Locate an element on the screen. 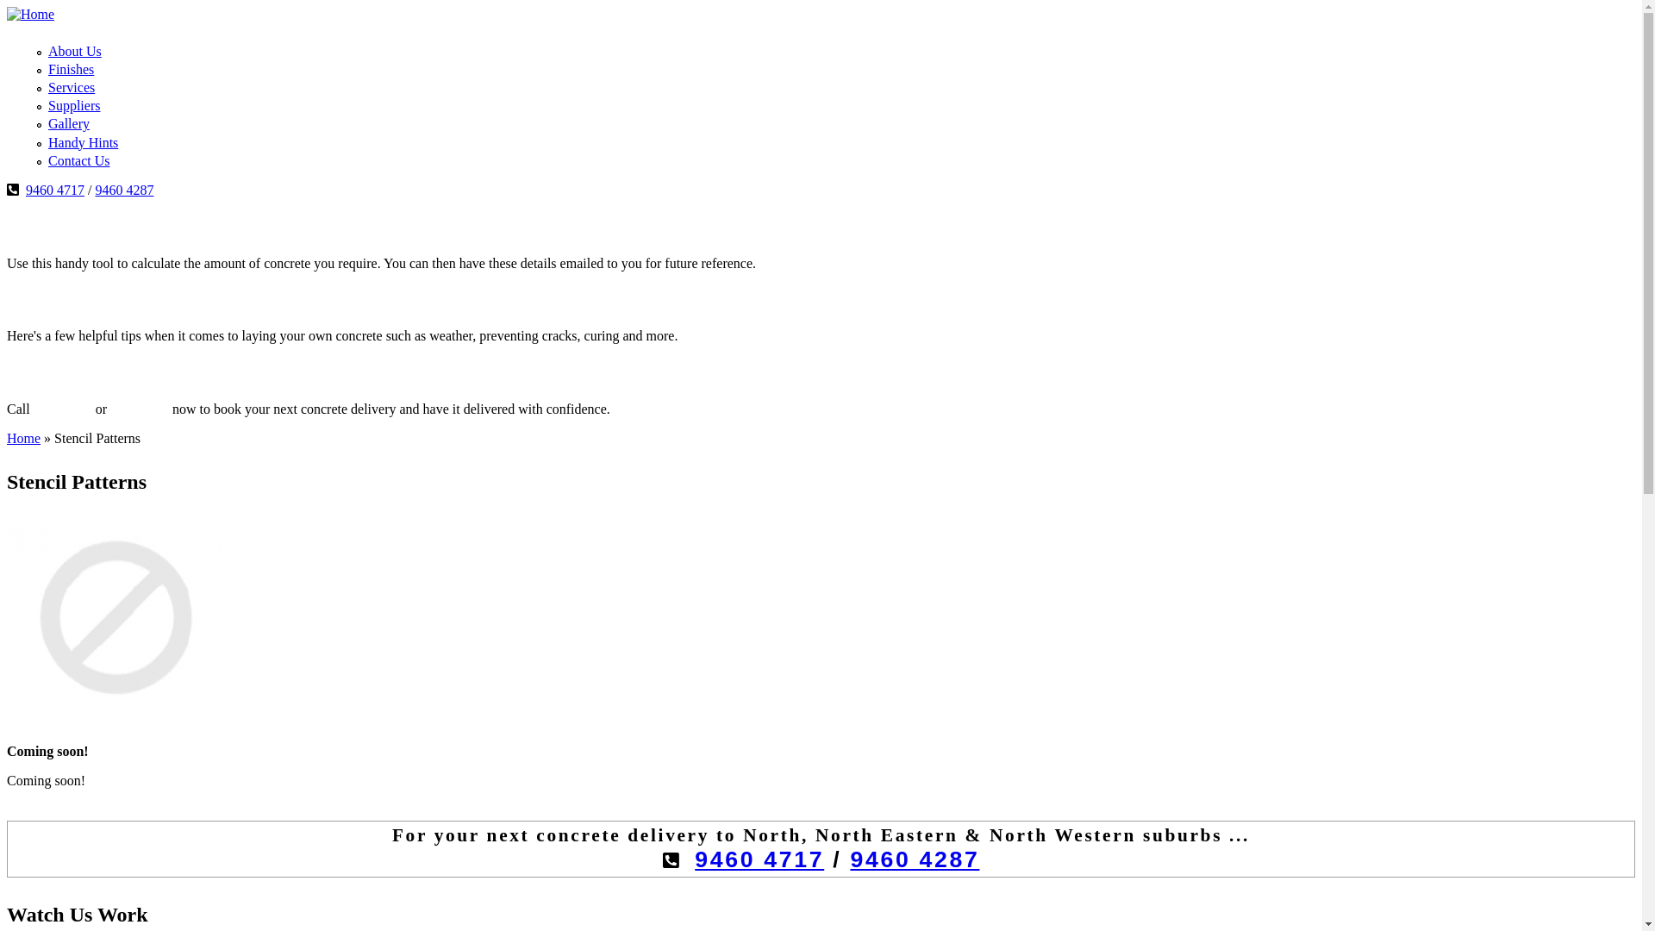 The image size is (1655, 931). '9460 4717' is located at coordinates (759, 859).